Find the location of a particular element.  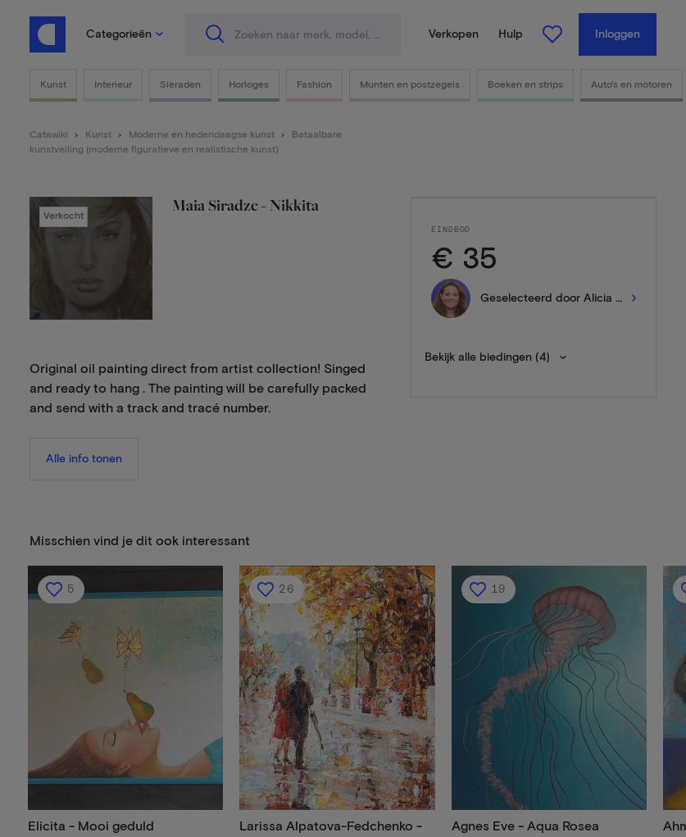

'Auto's en motoren' is located at coordinates (630, 84).